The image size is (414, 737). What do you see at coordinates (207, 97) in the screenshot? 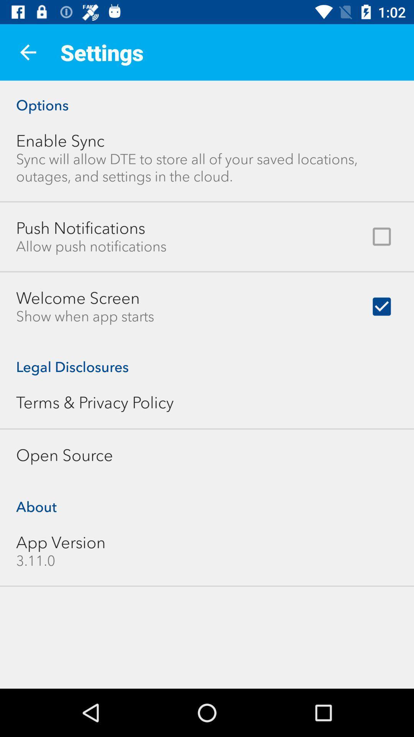
I see `icon above the enable sync icon` at bounding box center [207, 97].